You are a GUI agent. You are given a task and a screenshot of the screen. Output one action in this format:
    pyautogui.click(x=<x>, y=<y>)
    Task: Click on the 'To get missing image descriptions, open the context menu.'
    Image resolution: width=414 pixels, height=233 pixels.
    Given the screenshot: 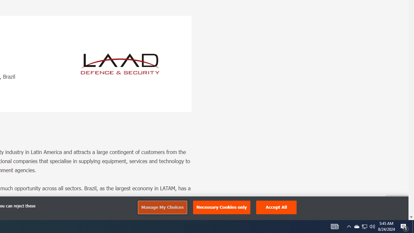 What is the action you would take?
    pyautogui.click(x=120, y=64)
    